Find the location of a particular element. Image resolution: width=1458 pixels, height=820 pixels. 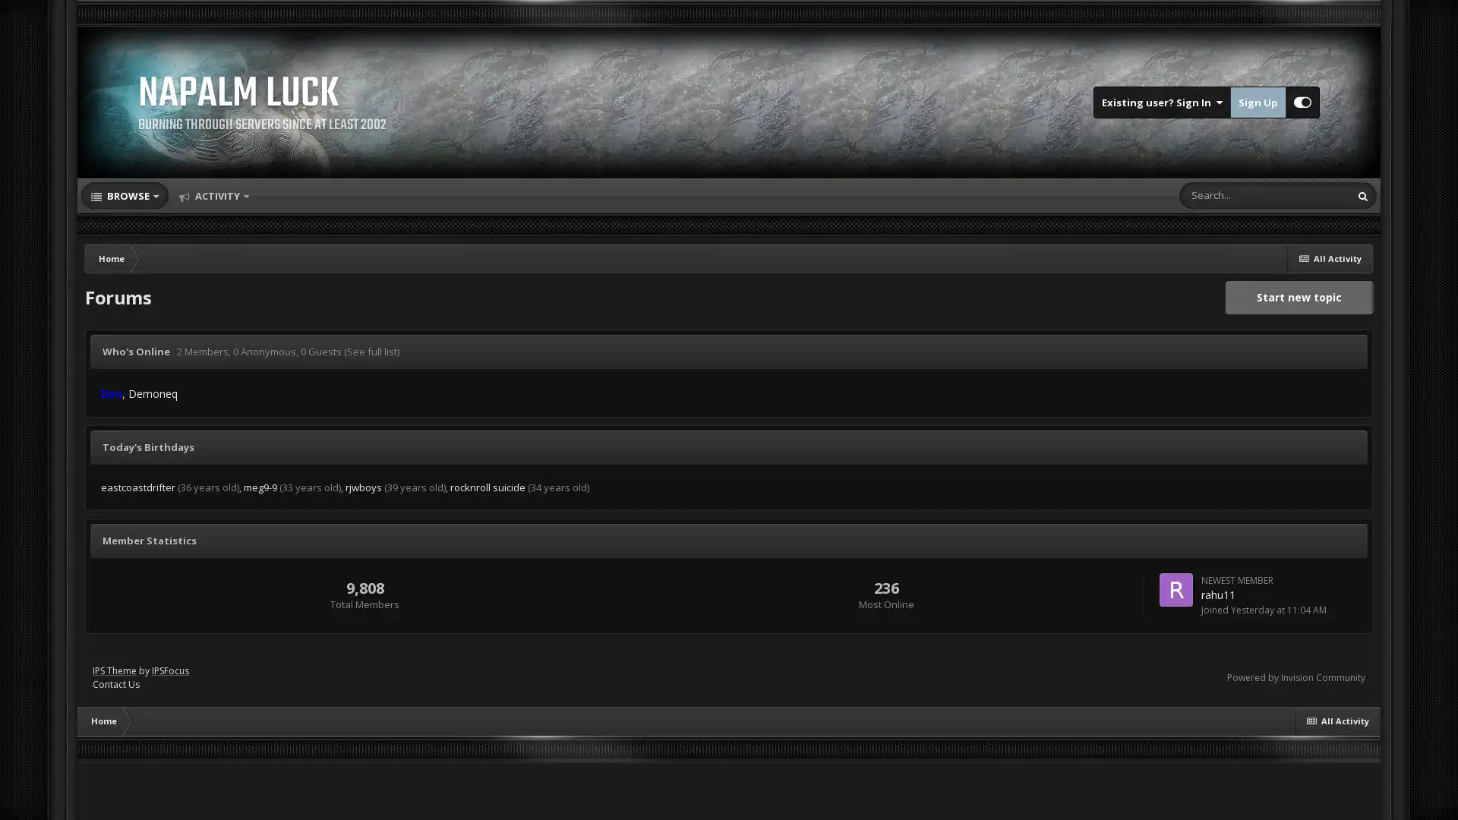

Search is located at coordinates (1363, 195).